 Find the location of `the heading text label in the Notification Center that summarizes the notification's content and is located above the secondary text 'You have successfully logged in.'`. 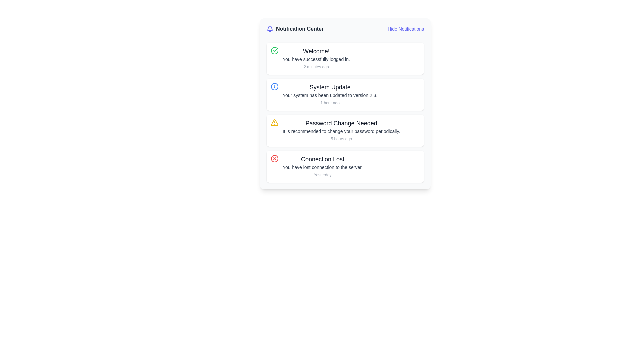

the heading text label in the Notification Center that summarizes the notification's content and is located above the secondary text 'You have successfully logged in.' is located at coordinates (316, 51).